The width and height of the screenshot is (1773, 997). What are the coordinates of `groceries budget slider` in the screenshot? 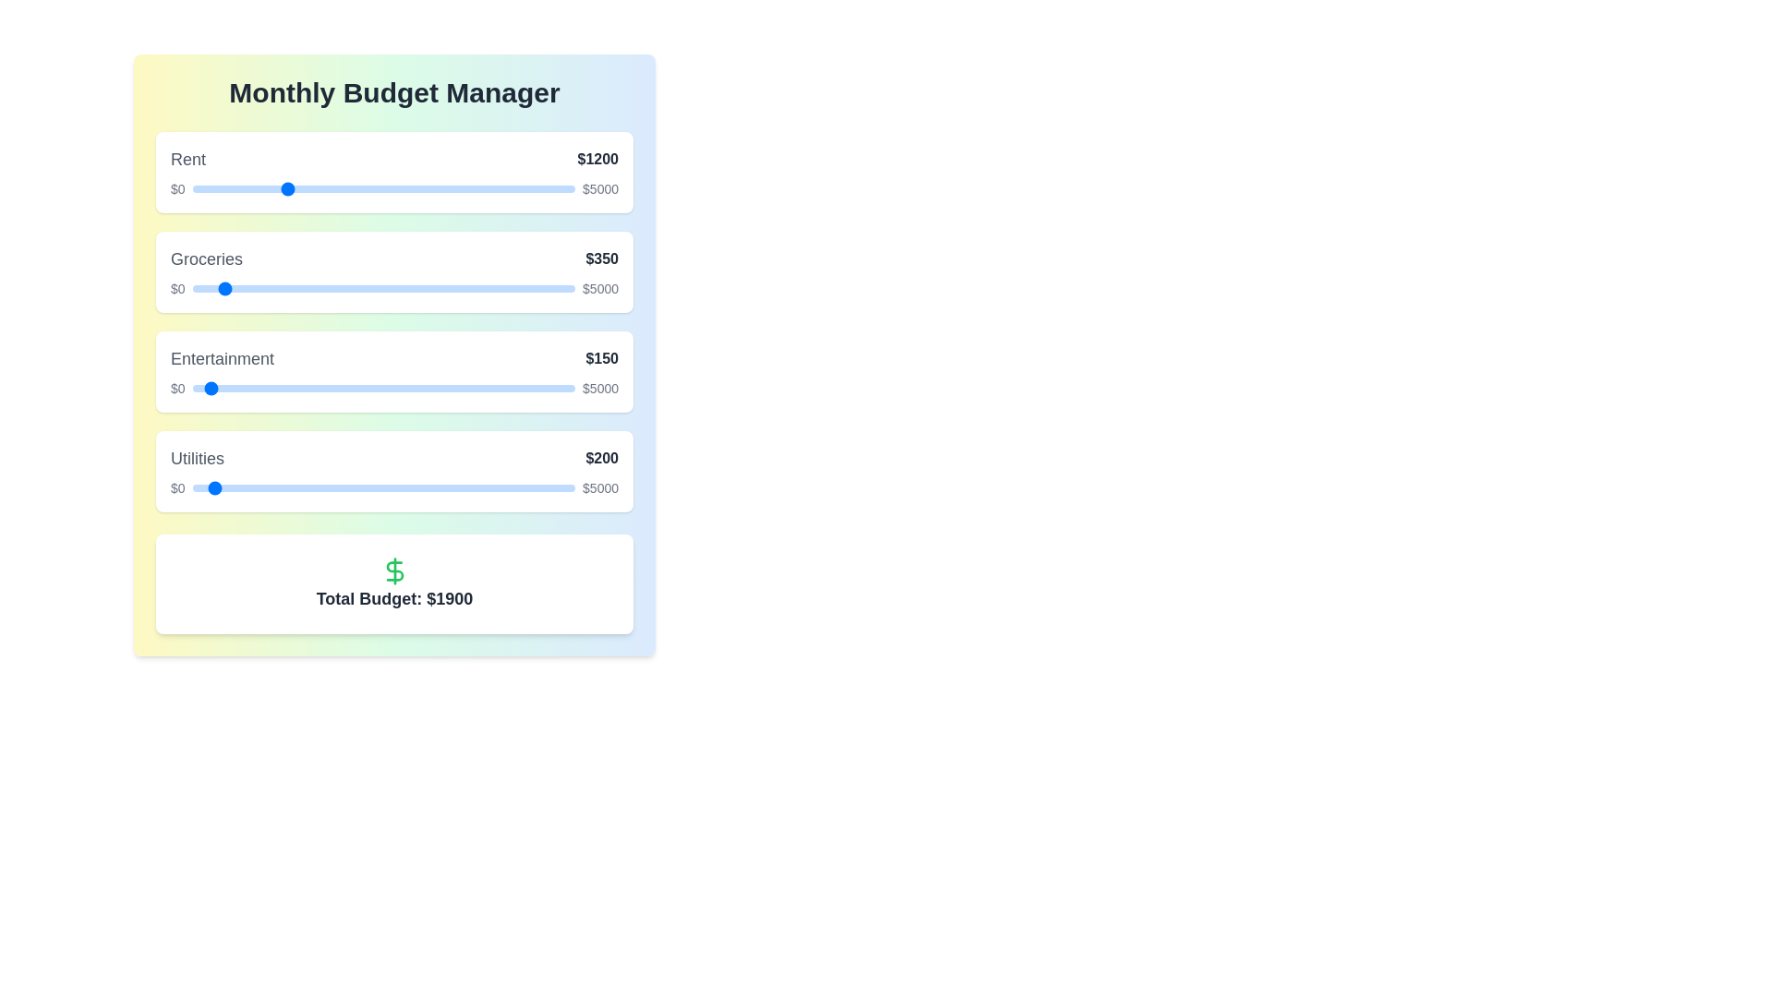 It's located at (506, 288).